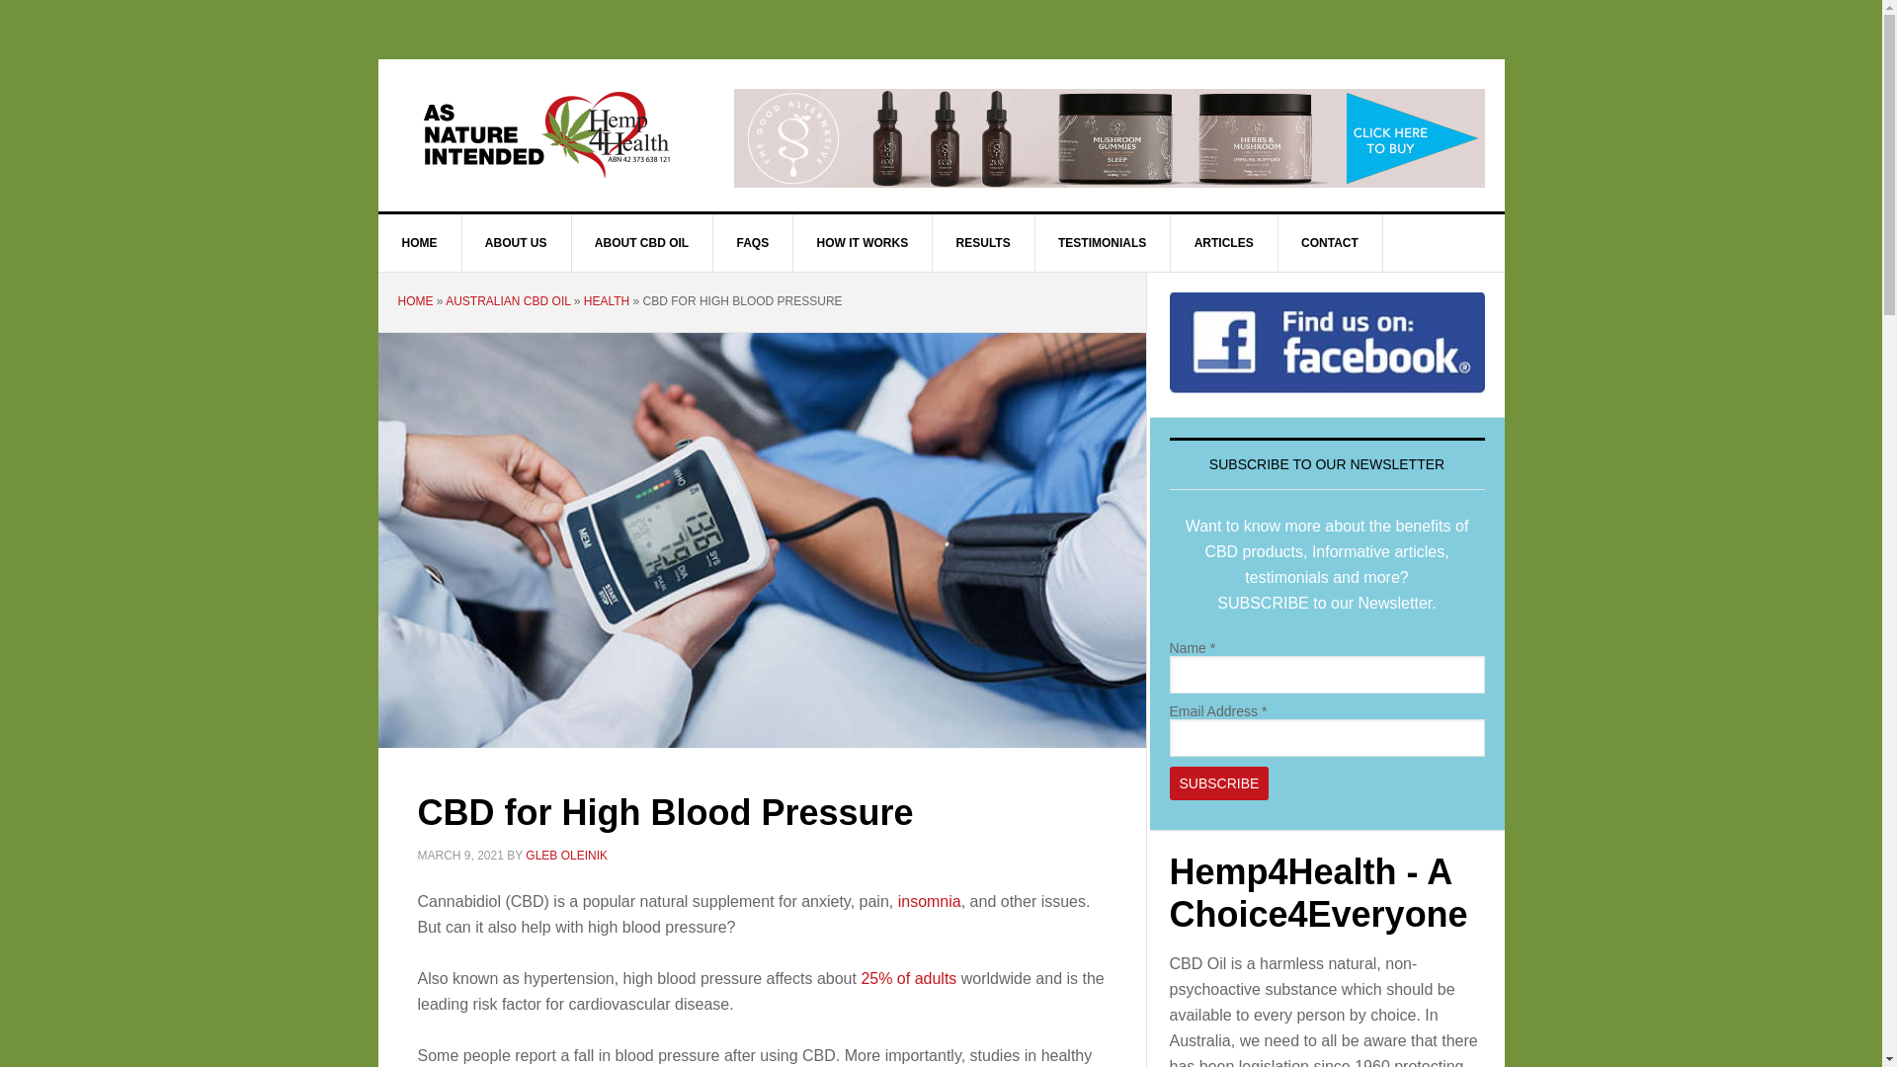 The height and width of the screenshot is (1067, 1897). I want to click on 'Skip to primary navigation', so click(0, 0).